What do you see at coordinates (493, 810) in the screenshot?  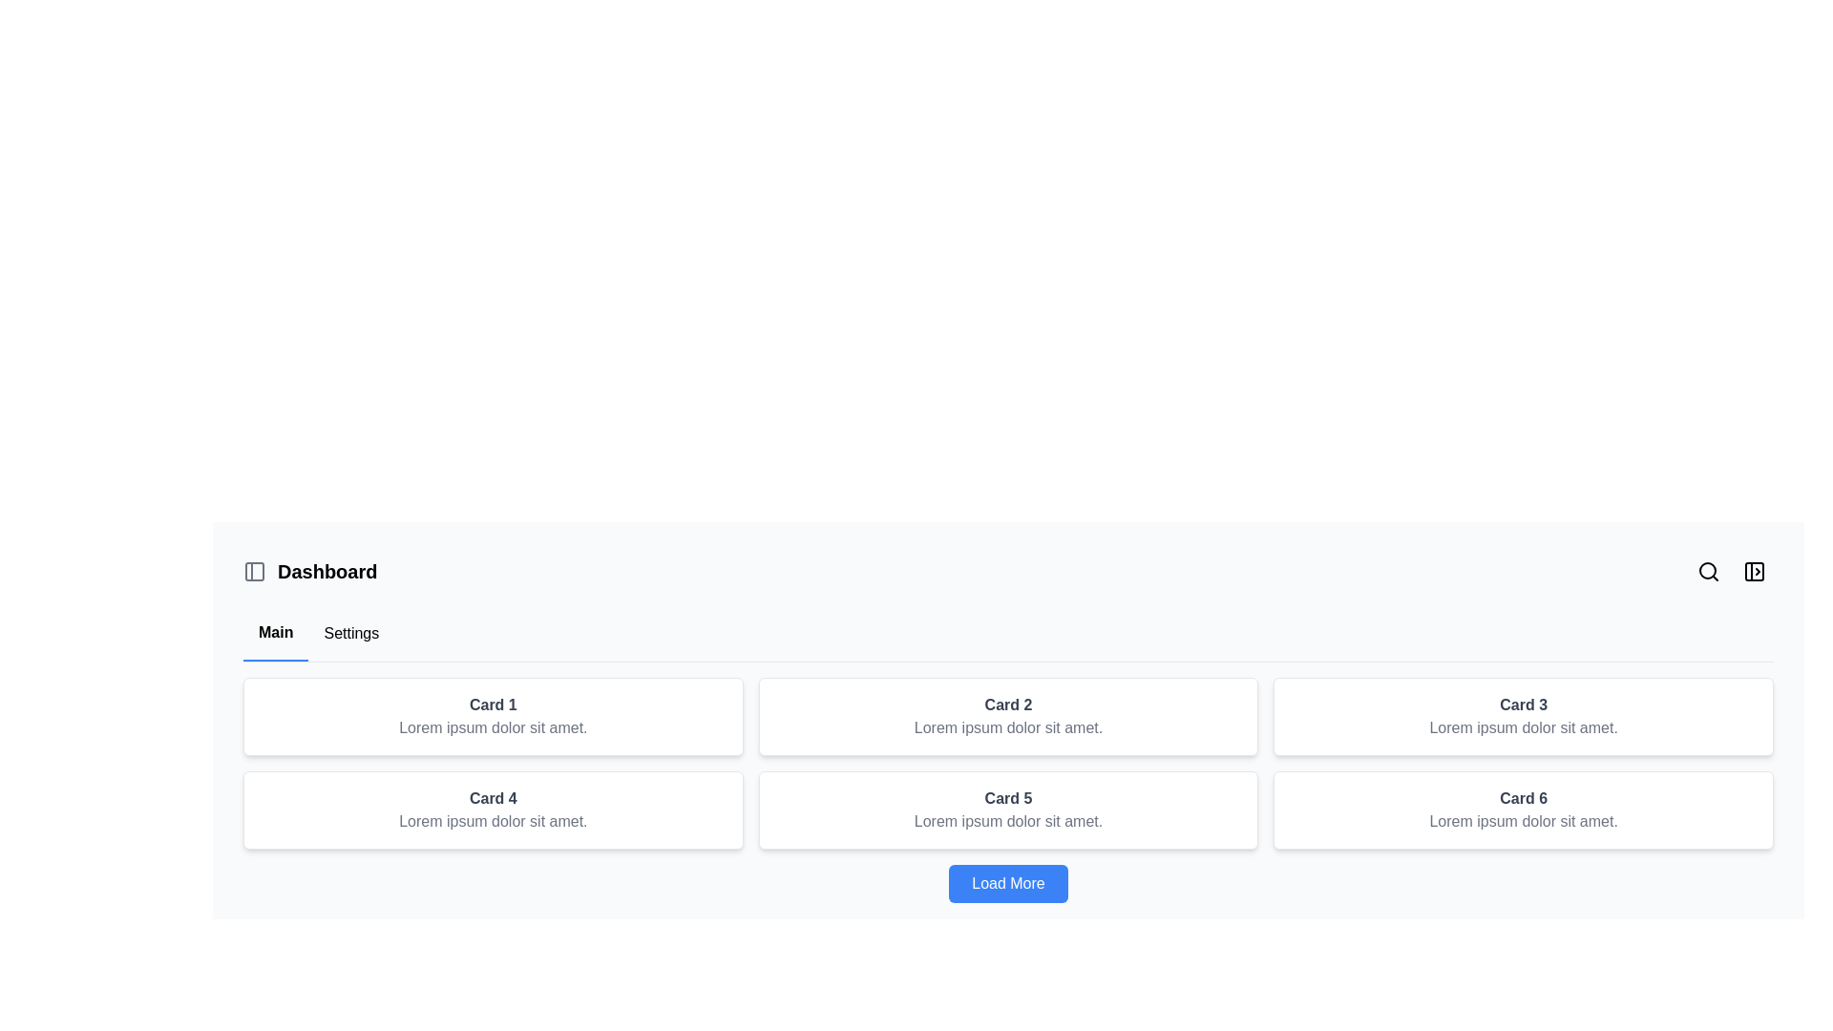 I see `the information contained within the card labeled 'Card 4', which features a light-colored background and includes bold text 'Card 4' and regular text 'Lorem ipsum dolor sit amet.'` at bounding box center [493, 810].